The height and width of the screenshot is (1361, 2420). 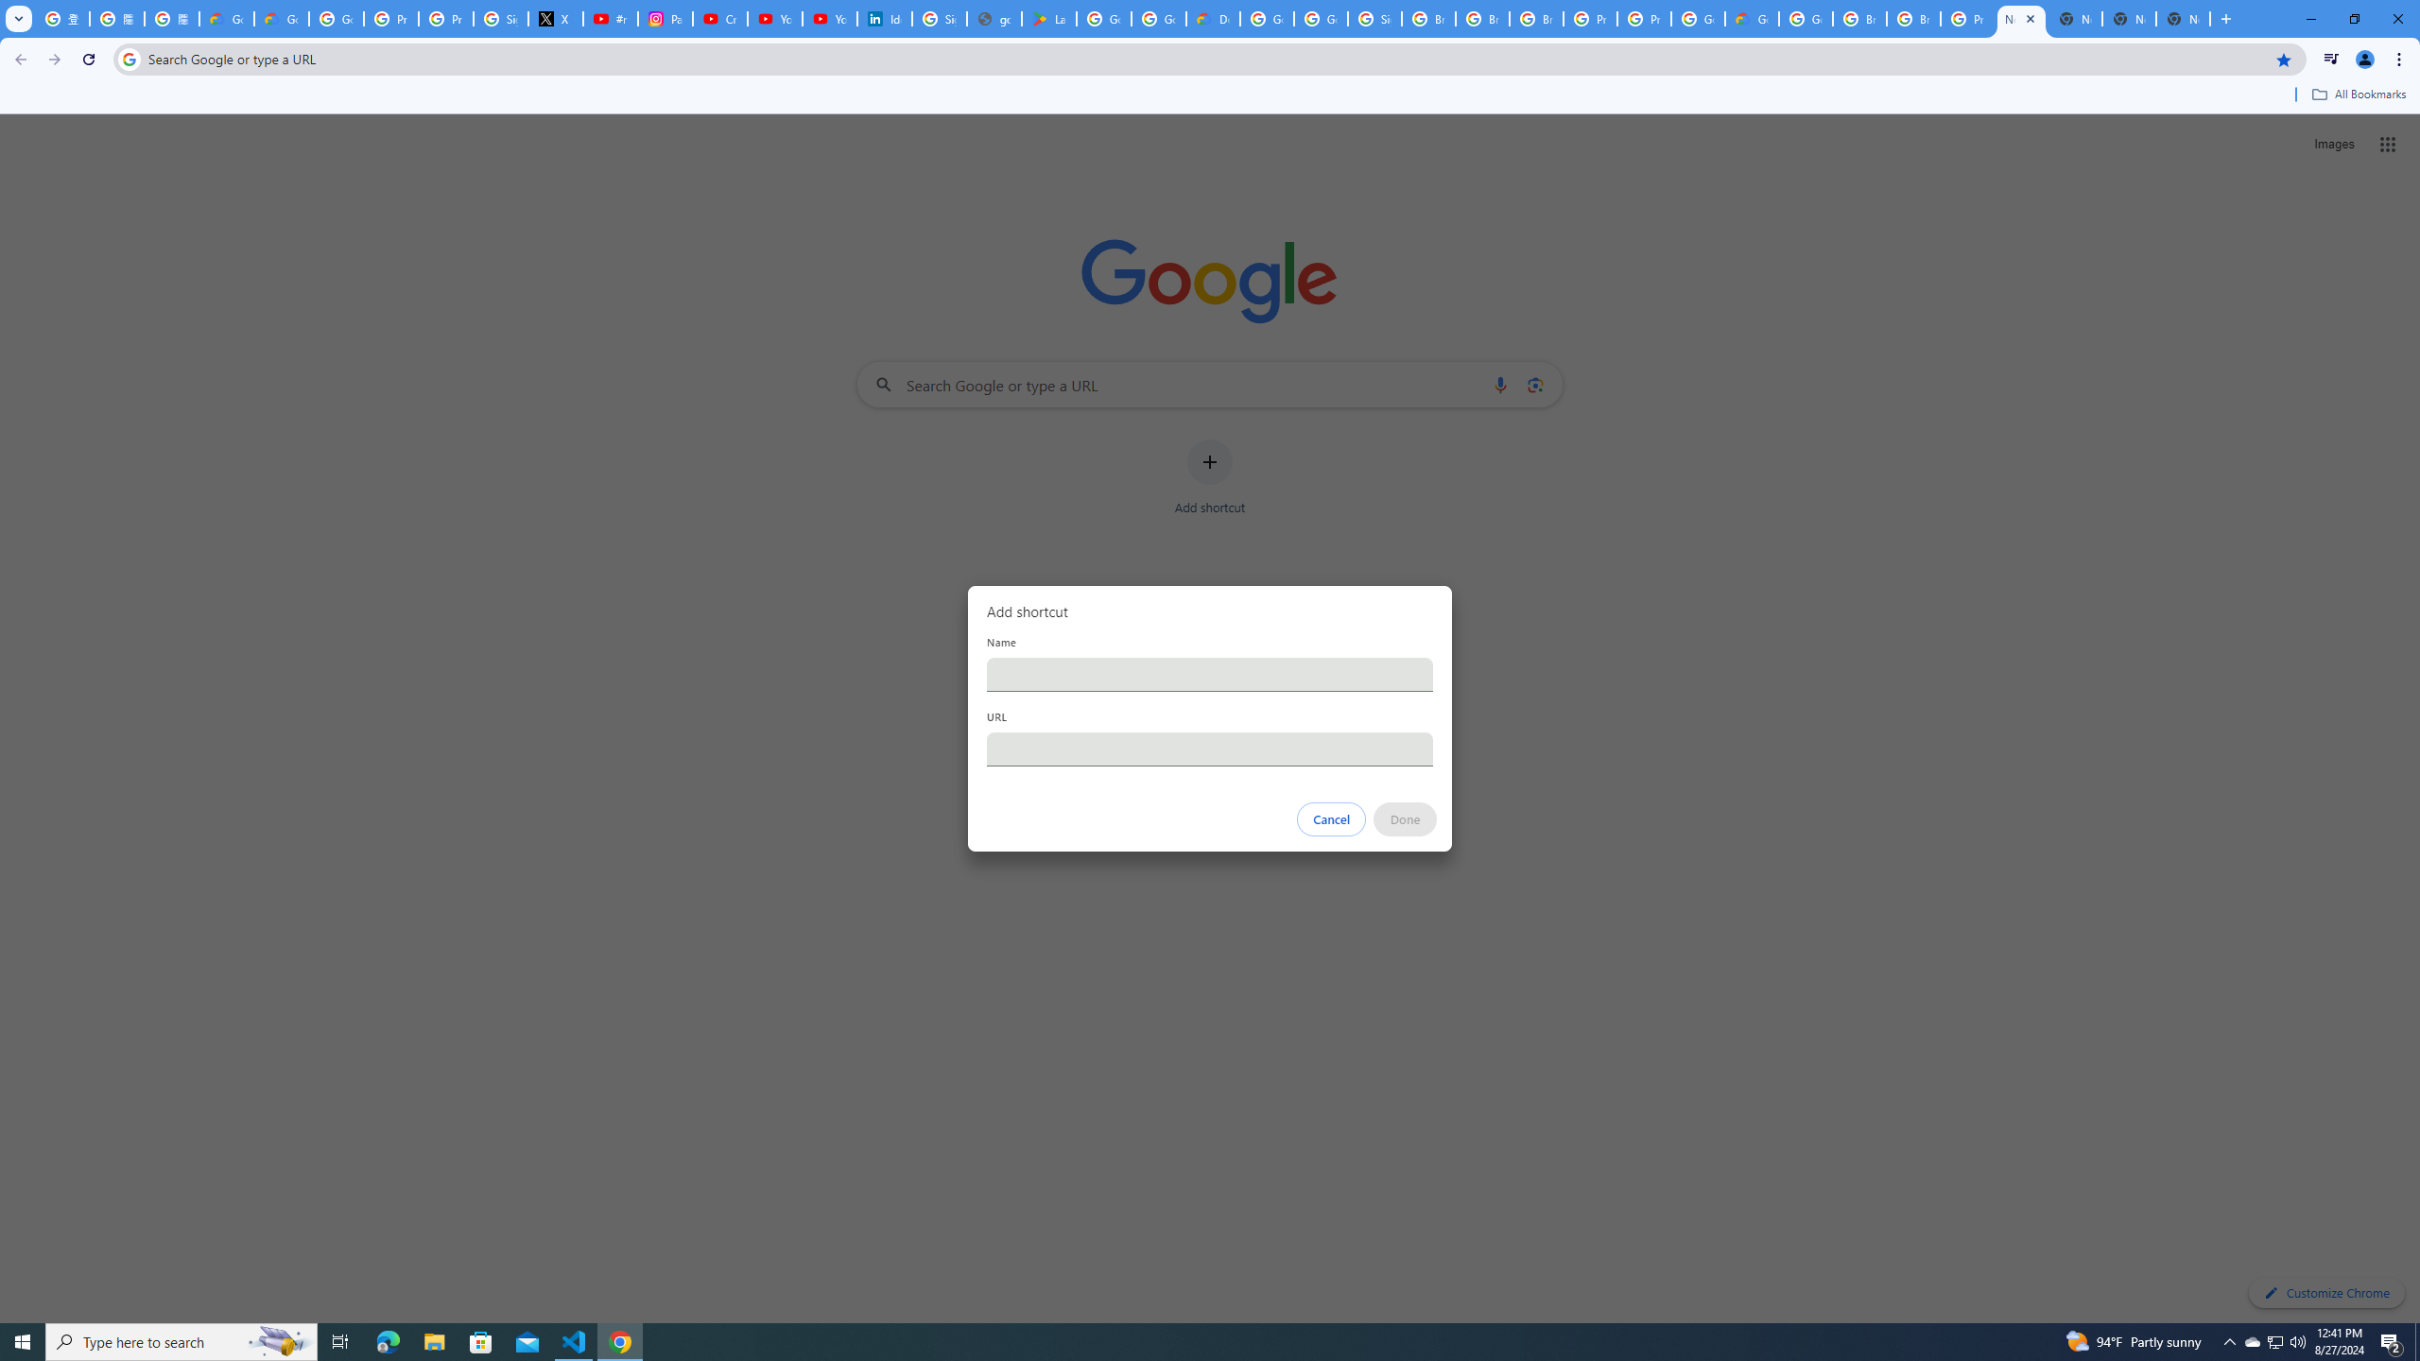 What do you see at coordinates (1159, 18) in the screenshot?
I see `'Google Workspace - Specific Terms'` at bounding box center [1159, 18].